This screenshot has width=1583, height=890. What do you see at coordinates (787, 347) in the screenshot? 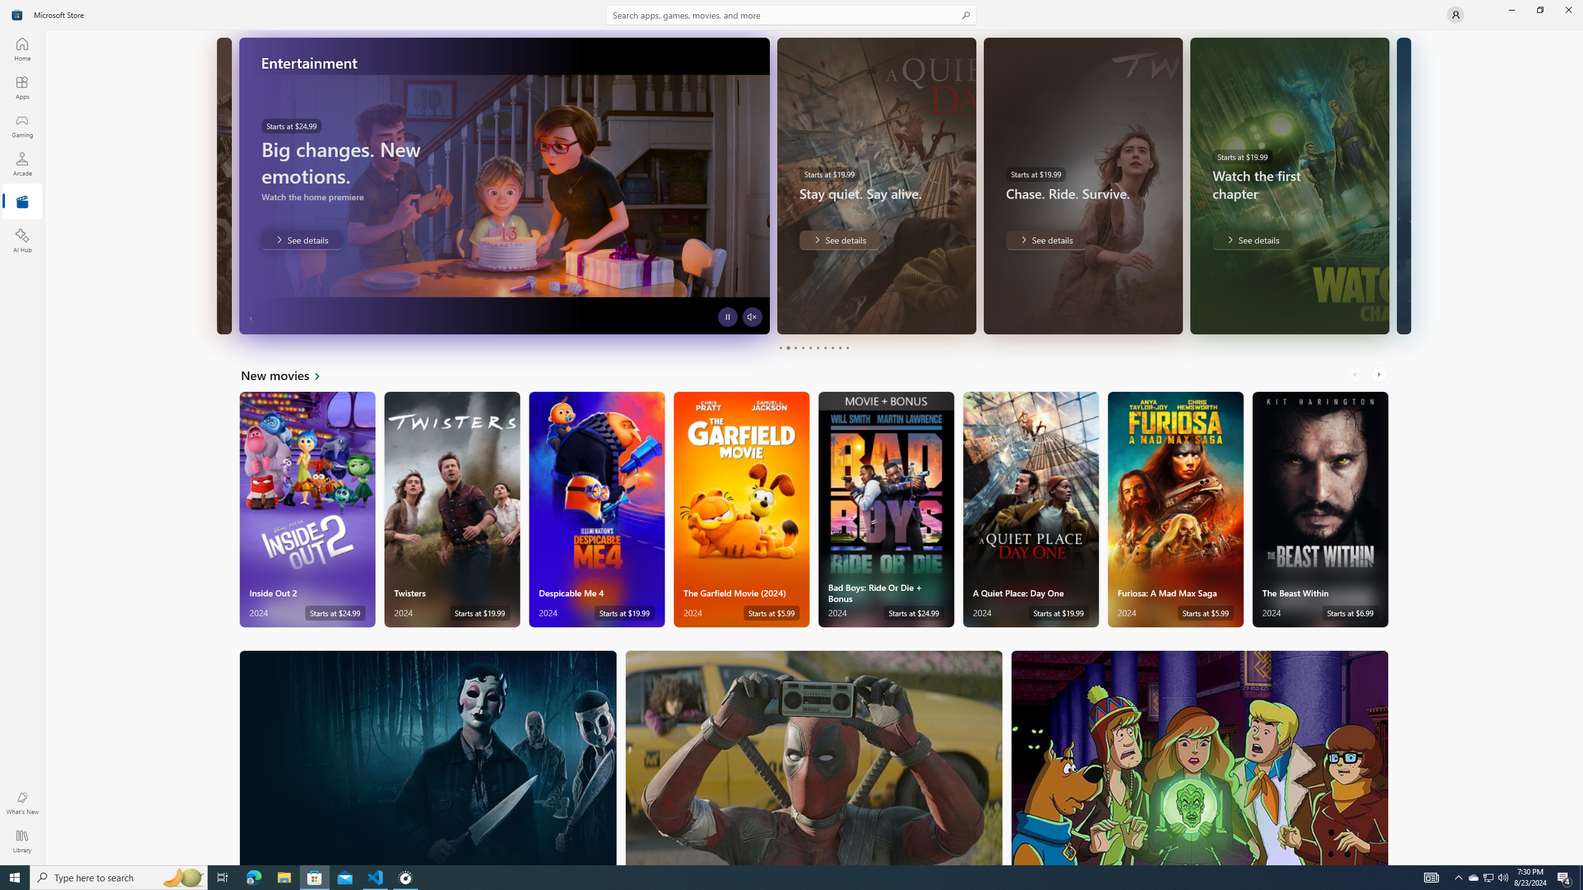
I see `'Page 2'` at bounding box center [787, 347].